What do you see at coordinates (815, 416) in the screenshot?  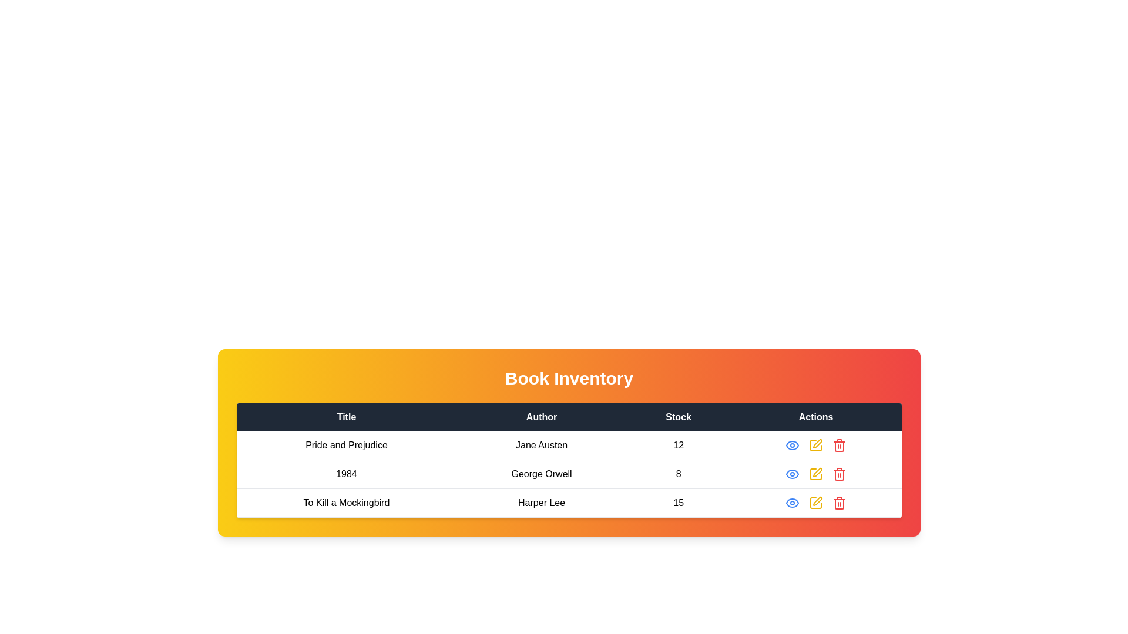 I see `the label displaying 'Actions' in white font within the table header section located at the top-right corner of the table` at bounding box center [815, 416].